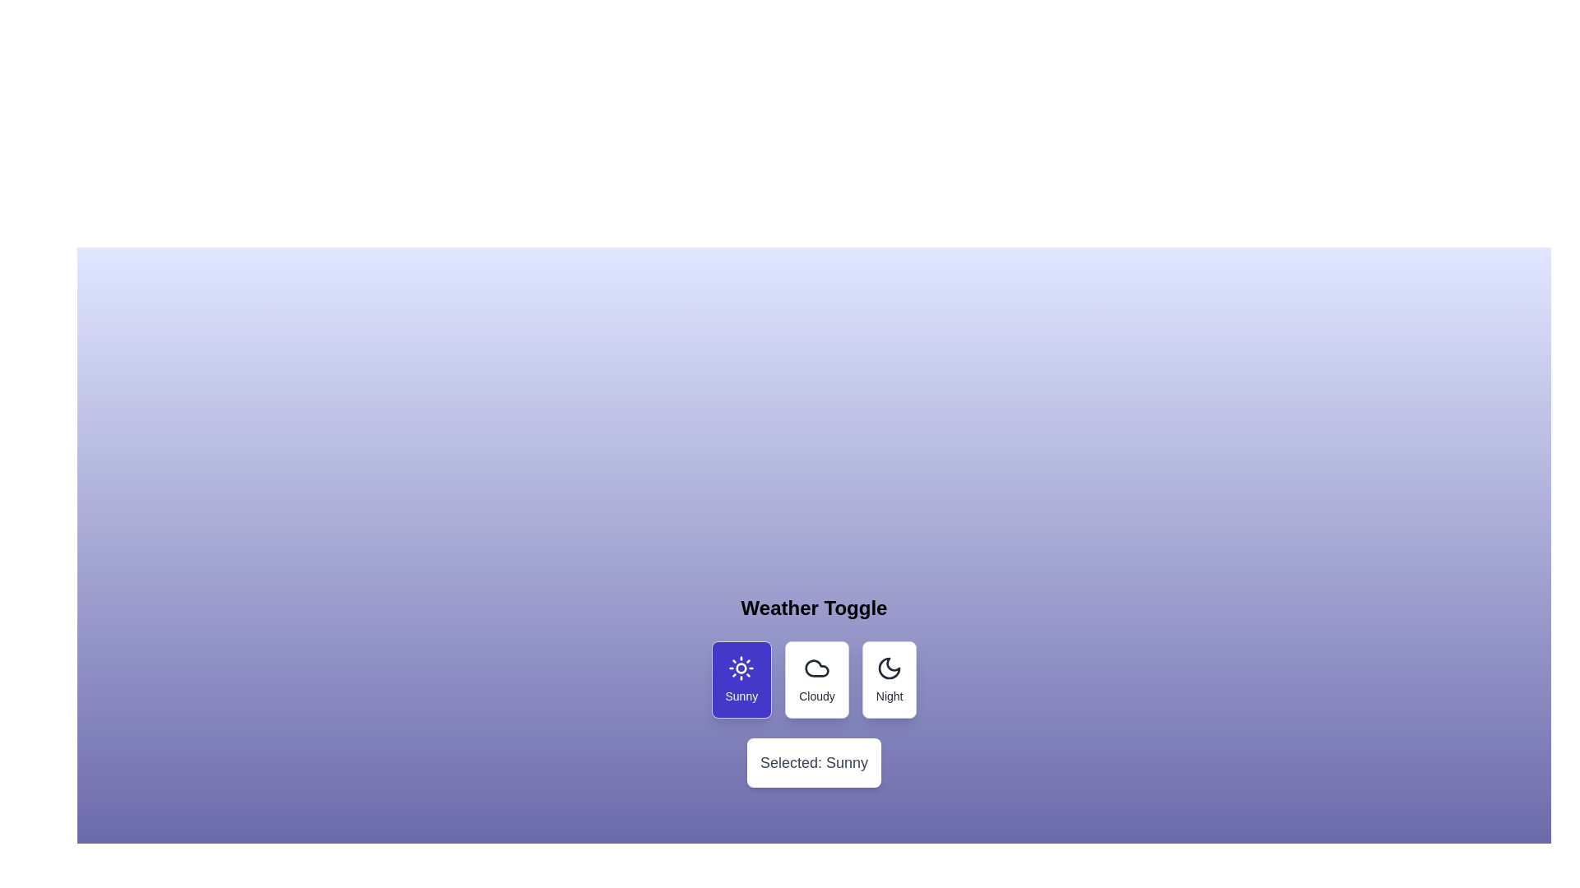  What do you see at coordinates (889, 679) in the screenshot?
I see `the Night button to observe the visual scaling effect` at bounding box center [889, 679].